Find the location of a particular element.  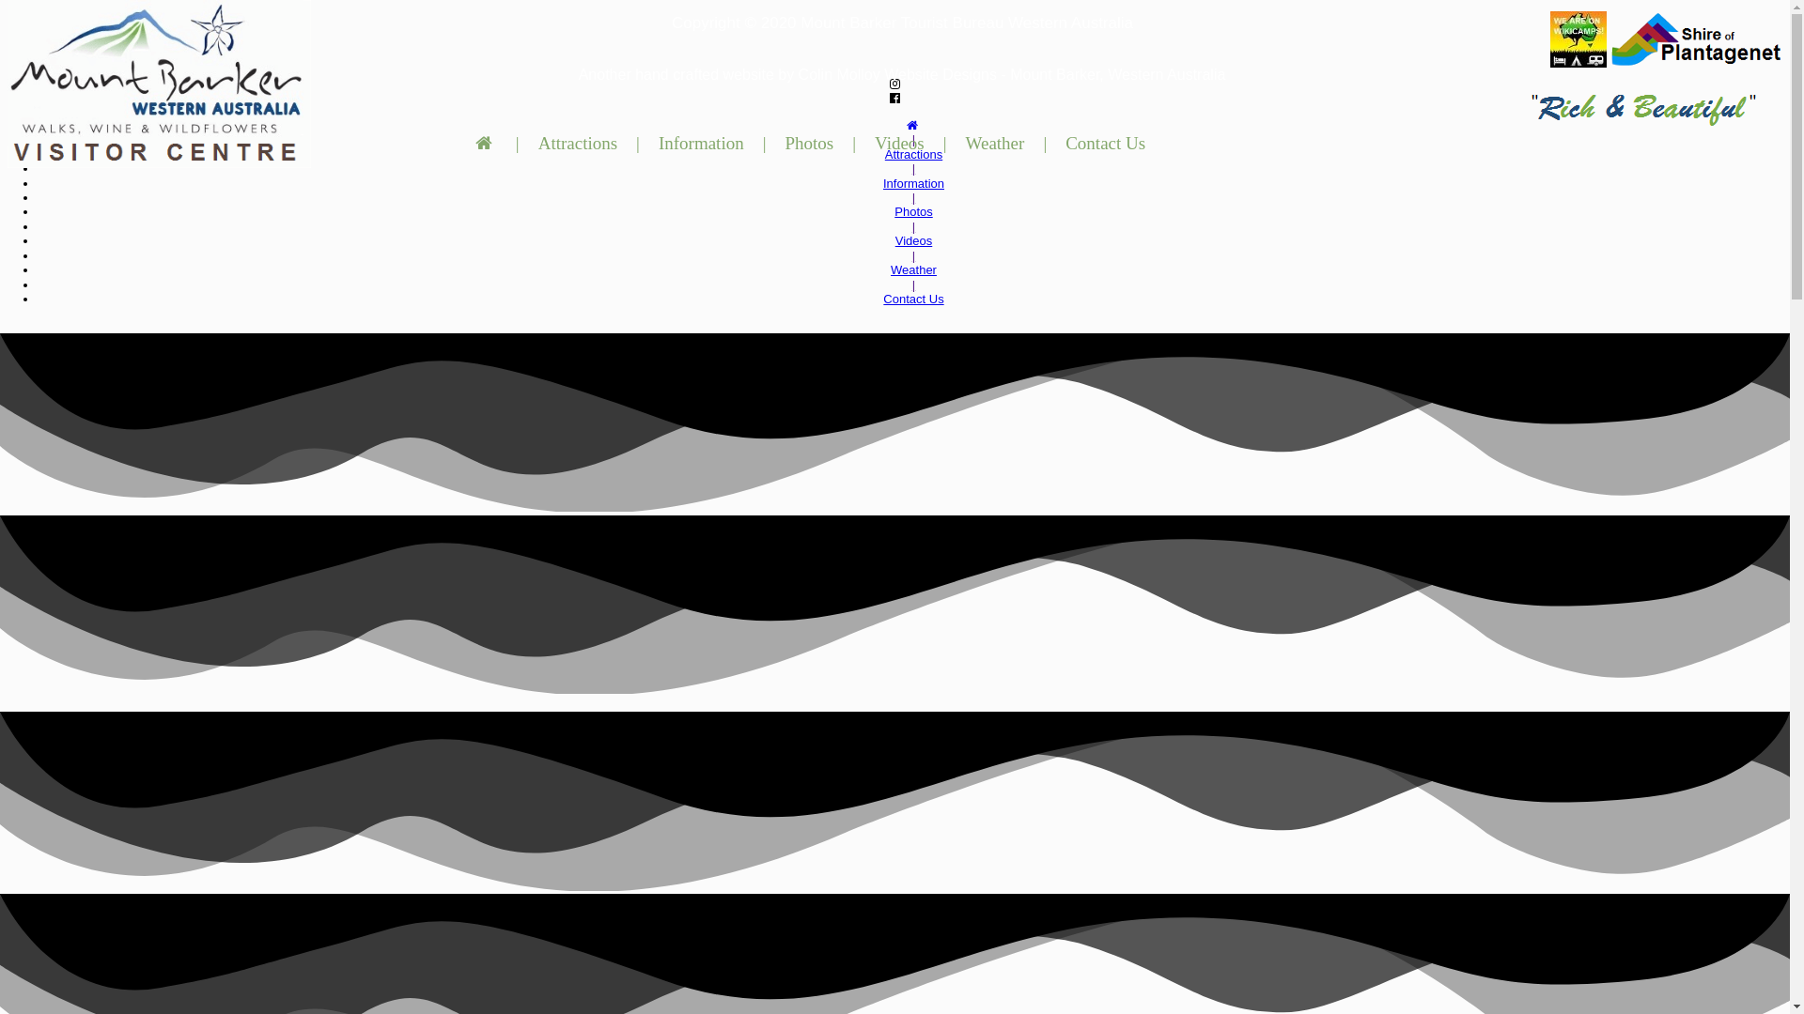

'Contact Us' is located at coordinates (1060, 143).